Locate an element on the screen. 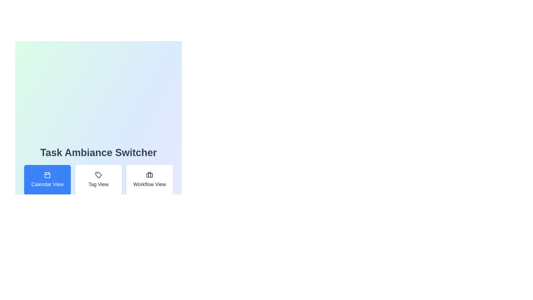 This screenshot has width=533, height=300. the design details of the rectangular graphical component within the calendar icon located in the 'Calendar View' button, which is the first button in the horizontal row under 'Task Ambiance Switcher.' is located at coordinates (47, 175).